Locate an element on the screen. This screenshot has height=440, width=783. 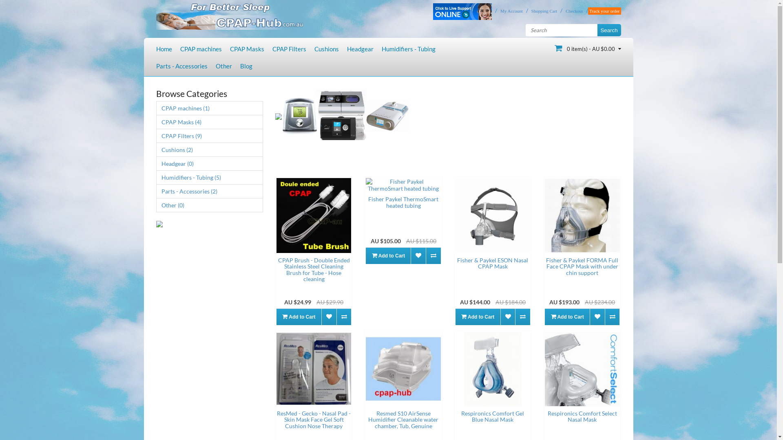
'Home' is located at coordinates (163, 48).